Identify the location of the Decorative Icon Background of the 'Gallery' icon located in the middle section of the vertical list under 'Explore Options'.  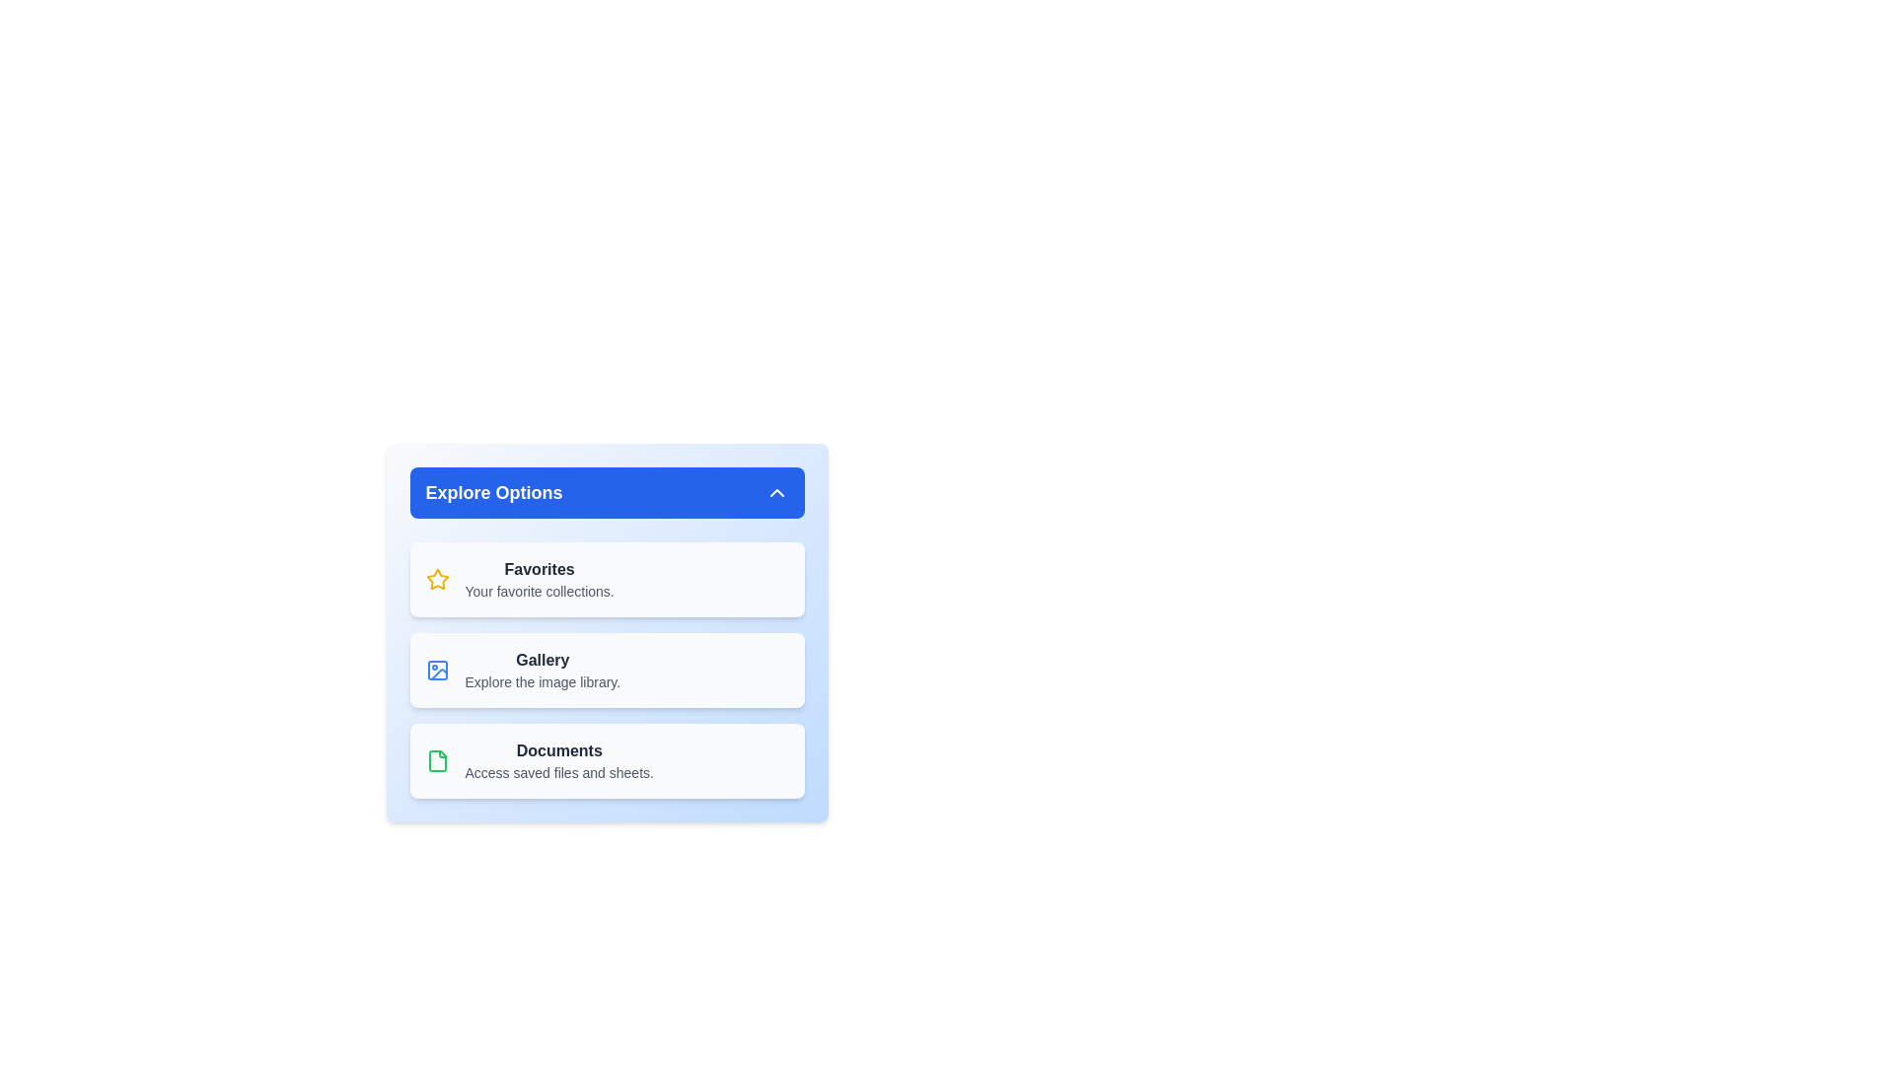
(436, 669).